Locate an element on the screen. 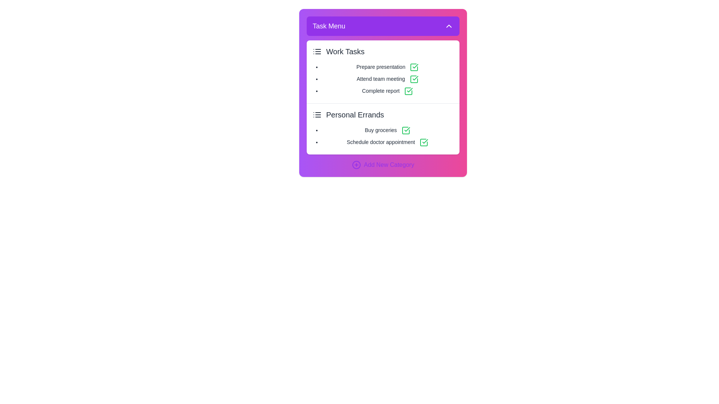 The image size is (719, 404). the task named Buy groceries in the task list is located at coordinates (388, 130).